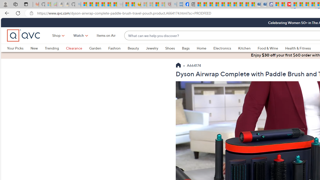 The width and height of the screenshot is (320, 180). What do you see at coordinates (52, 48) in the screenshot?
I see `'Trending'` at bounding box center [52, 48].